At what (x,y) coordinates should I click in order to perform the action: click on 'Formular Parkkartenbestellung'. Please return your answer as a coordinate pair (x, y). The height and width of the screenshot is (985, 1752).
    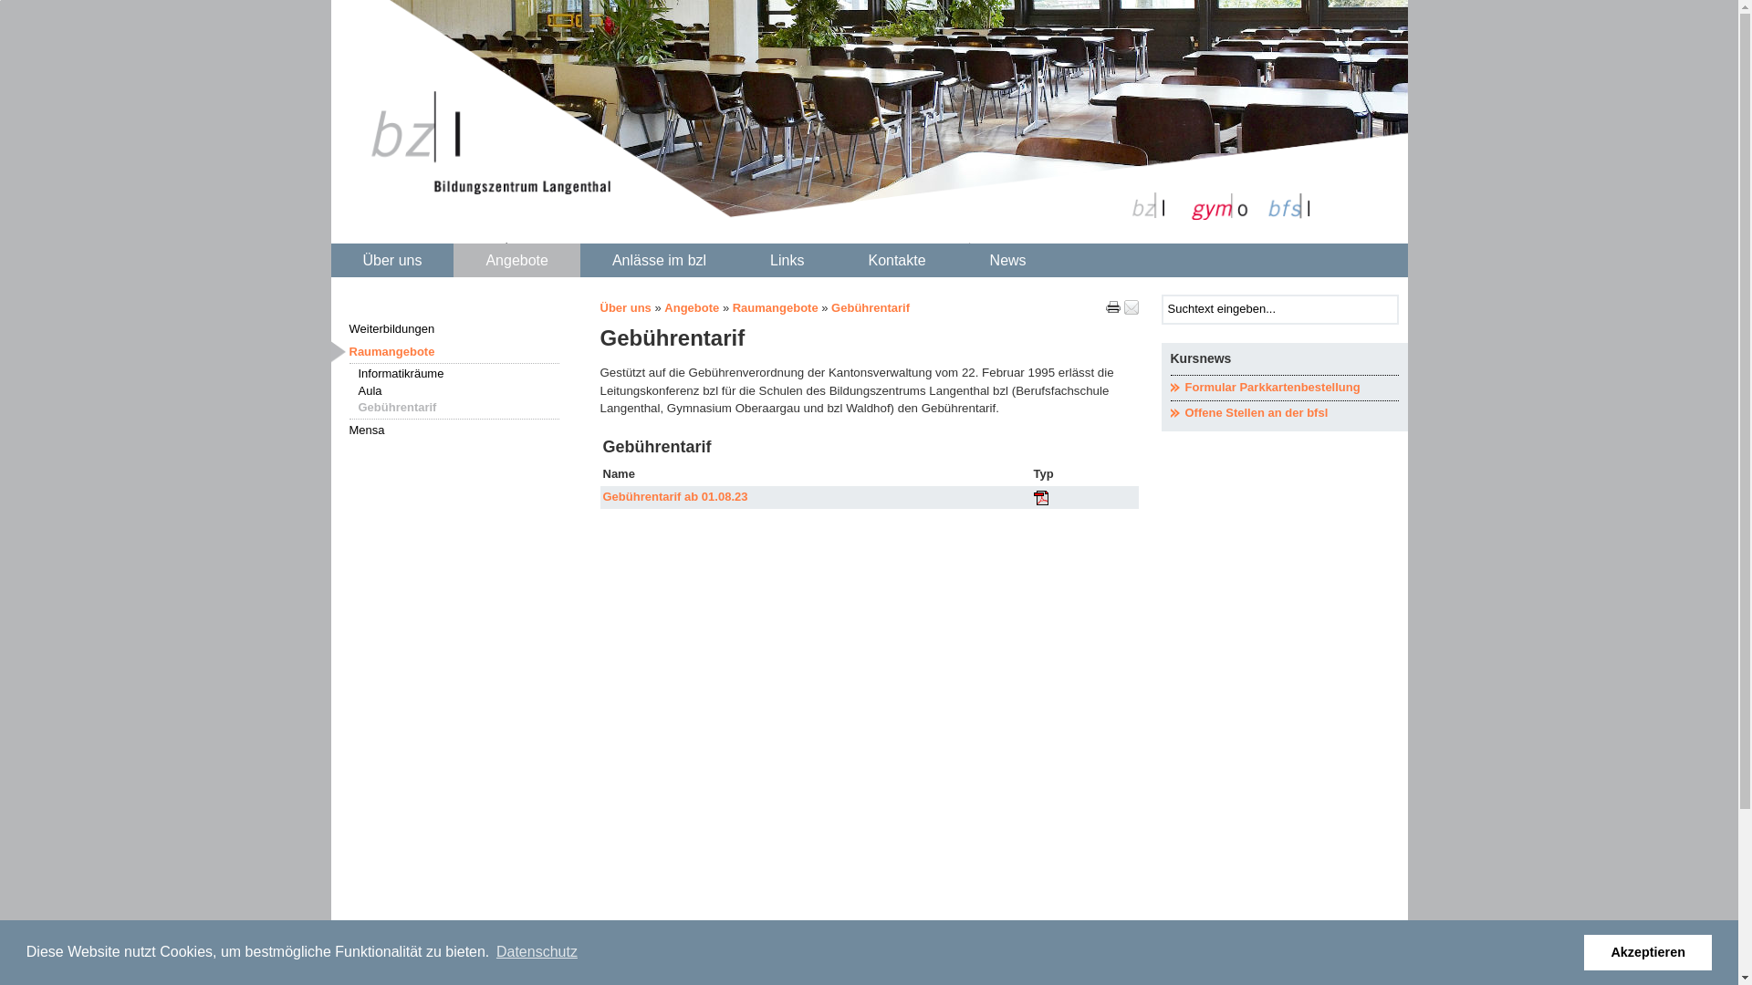
    Looking at the image, I should click on (1169, 387).